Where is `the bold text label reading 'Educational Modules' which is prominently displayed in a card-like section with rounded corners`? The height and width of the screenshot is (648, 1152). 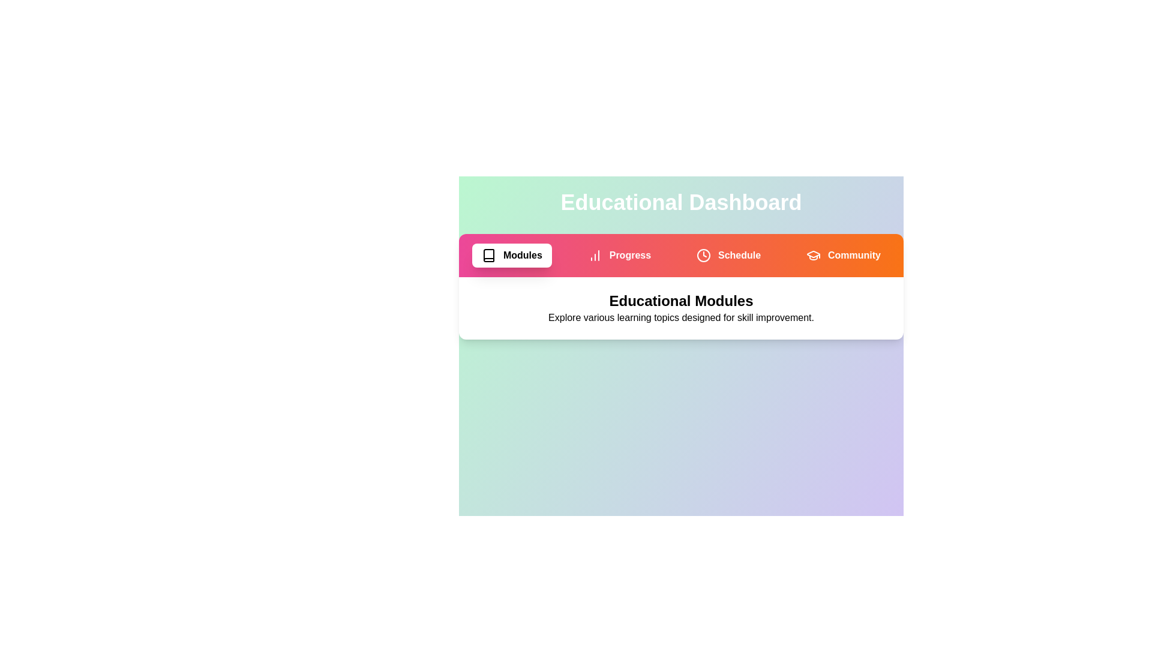 the bold text label reading 'Educational Modules' which is prominently displayed in a card-like section with rounded corners is located at coordinates (681, 300).